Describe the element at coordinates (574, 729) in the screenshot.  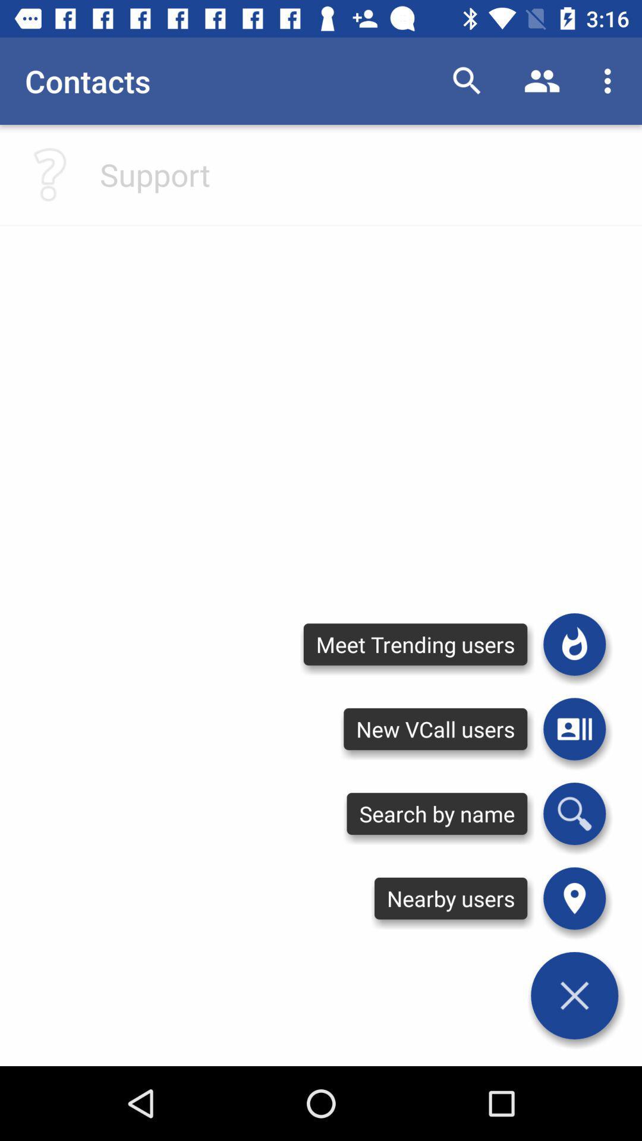
I see `a new vcall user` at that location.